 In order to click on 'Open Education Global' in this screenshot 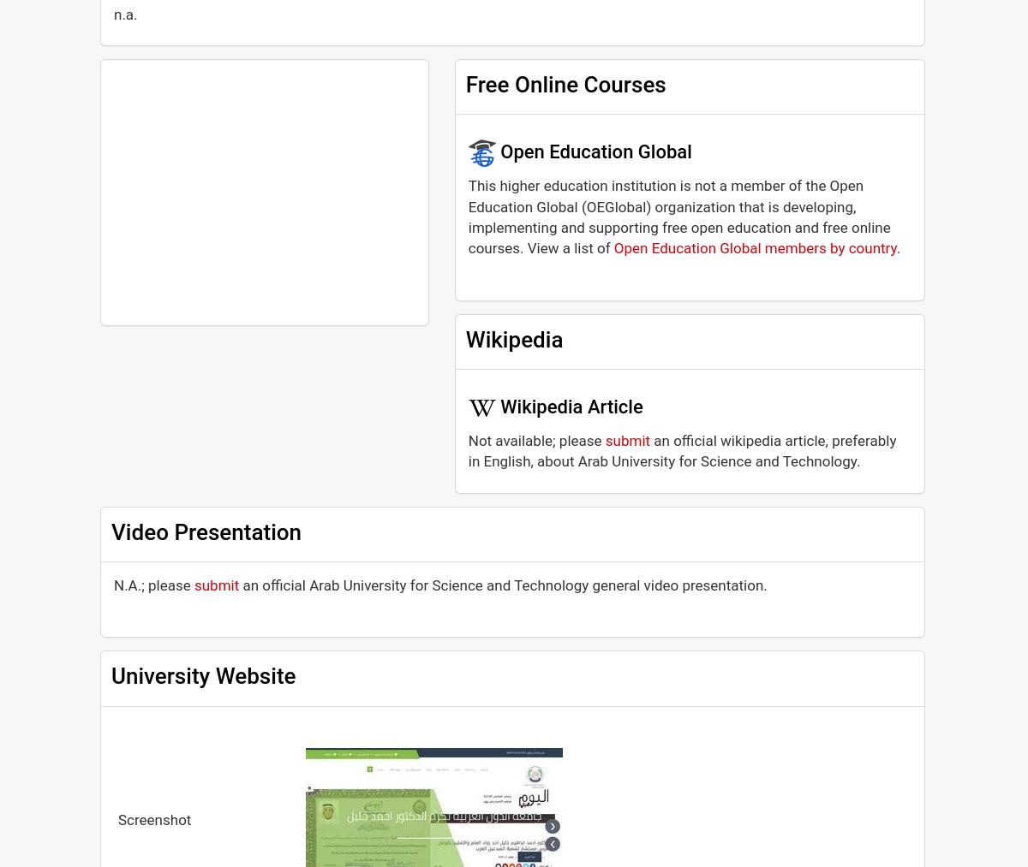, I will do `click(593, 151)`.